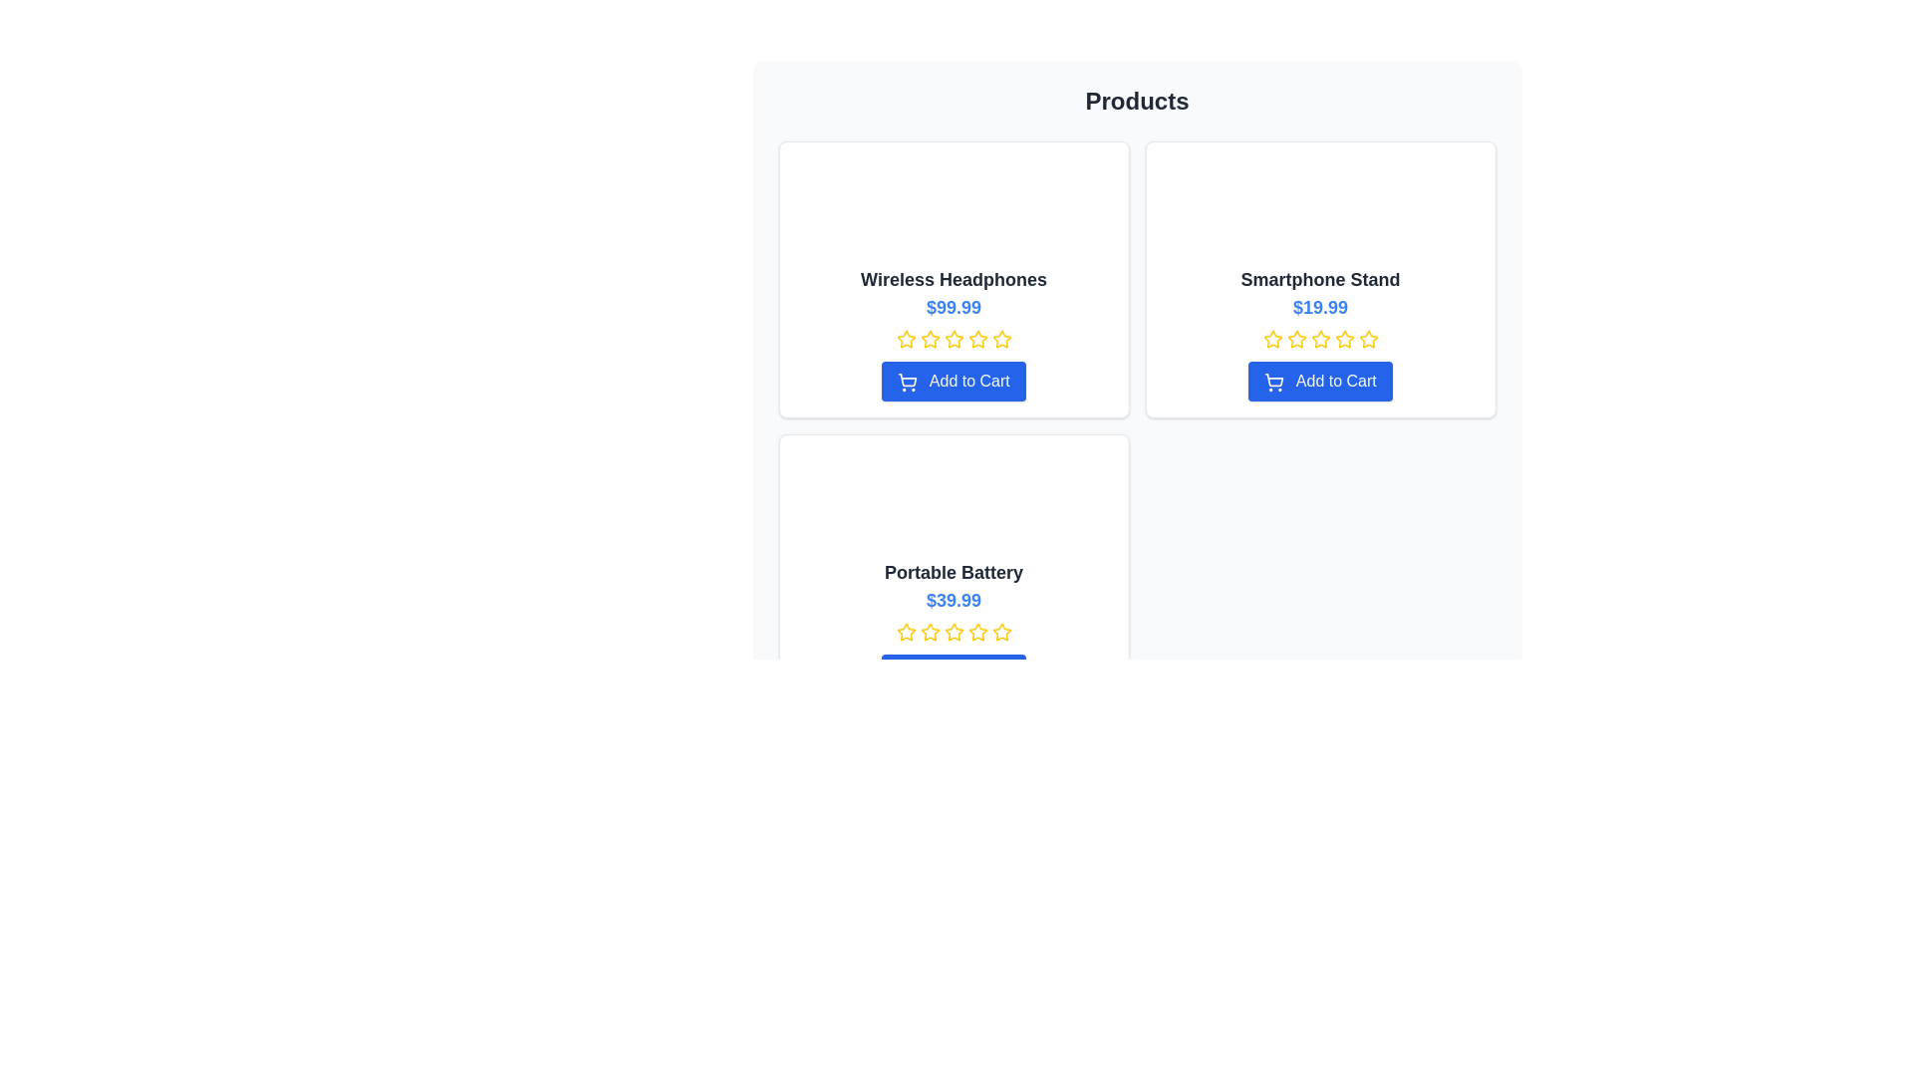  What do you see at coordinates (953, 280) in the screenshot?
I see `the product title, which is the text label displaying 'Wireless Headphones' in bold, large, dark gray font located at the top of the product card` at bounding box center [953, 280].